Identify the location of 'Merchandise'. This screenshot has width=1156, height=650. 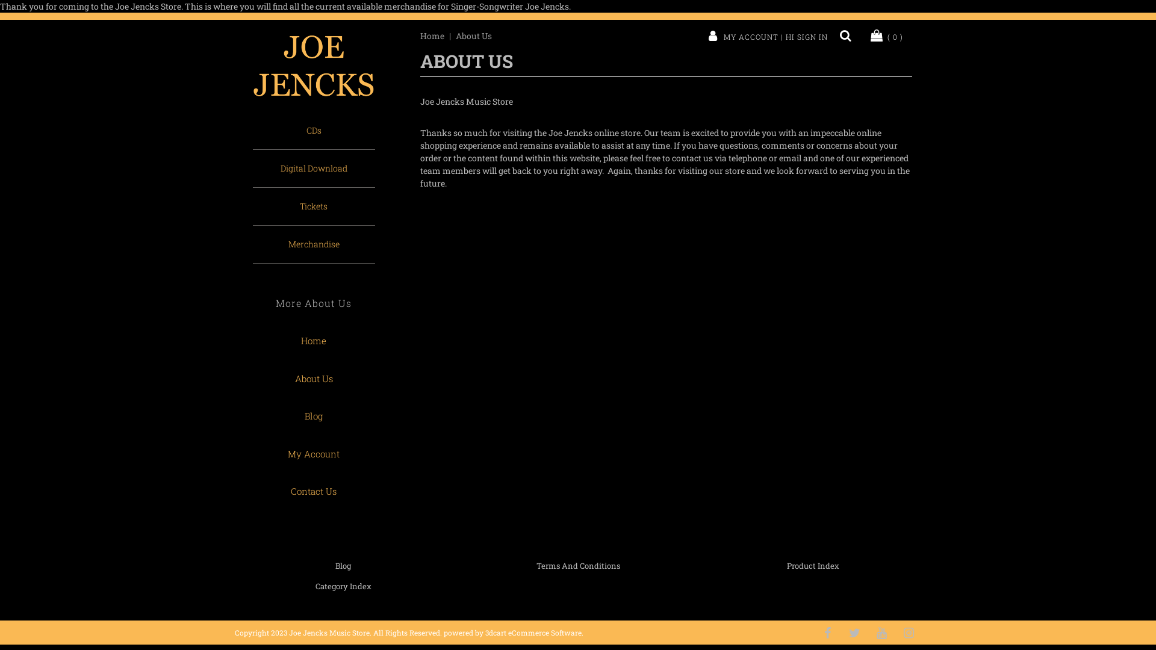
(314, 244).